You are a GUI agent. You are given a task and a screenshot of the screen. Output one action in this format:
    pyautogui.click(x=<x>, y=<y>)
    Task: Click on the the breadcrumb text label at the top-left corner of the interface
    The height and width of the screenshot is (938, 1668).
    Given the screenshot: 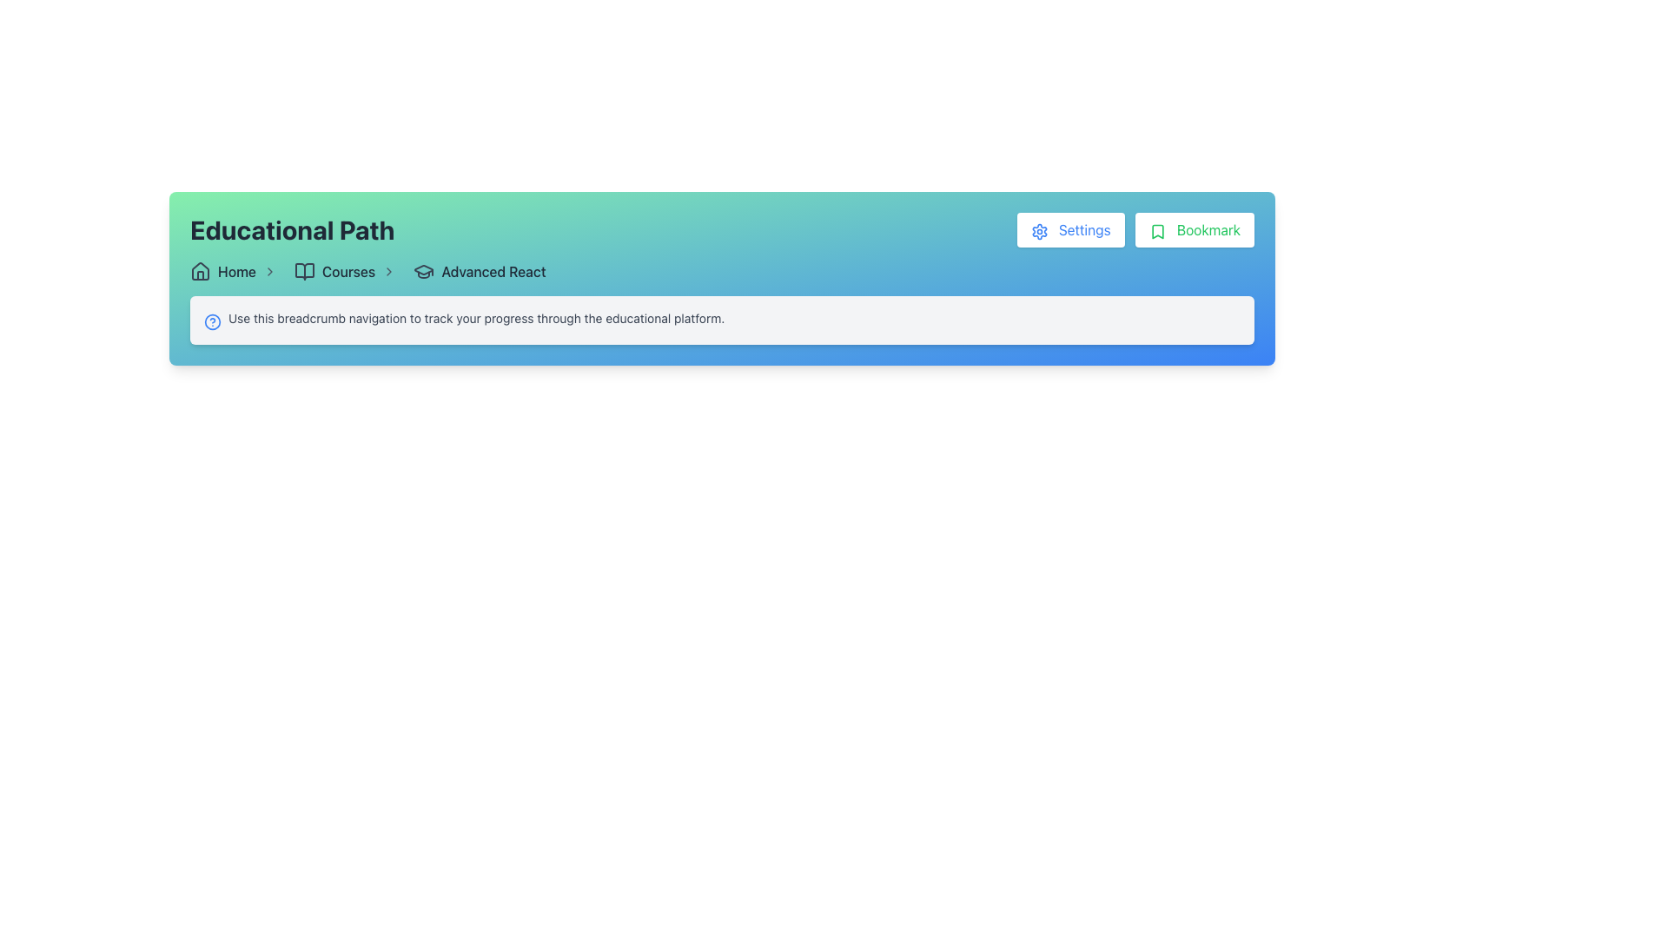 What is the action you would take?
    pyautogui.click(x=236, y=271)
    